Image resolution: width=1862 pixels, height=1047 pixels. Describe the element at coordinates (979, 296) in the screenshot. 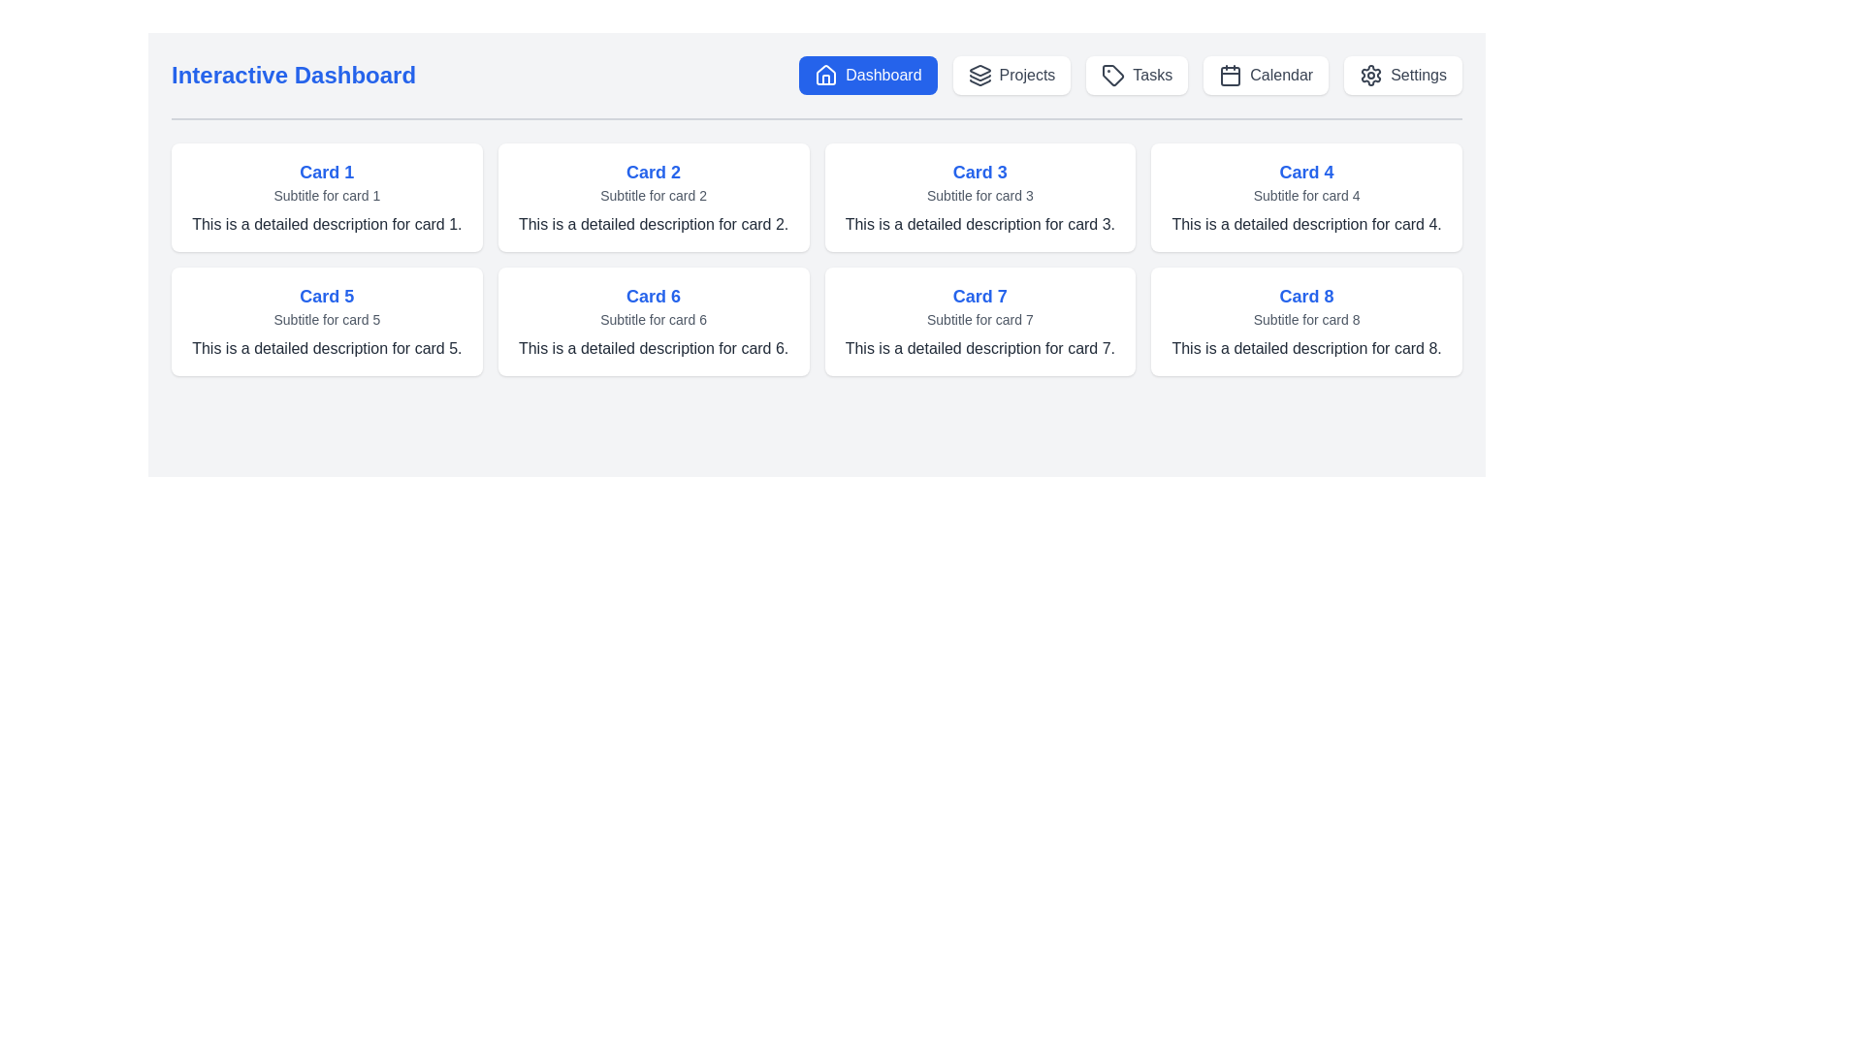

I see `the main title text of 'Card 7', which is positioned at the top of the card in the second row, third column of the grid layout` at that location.